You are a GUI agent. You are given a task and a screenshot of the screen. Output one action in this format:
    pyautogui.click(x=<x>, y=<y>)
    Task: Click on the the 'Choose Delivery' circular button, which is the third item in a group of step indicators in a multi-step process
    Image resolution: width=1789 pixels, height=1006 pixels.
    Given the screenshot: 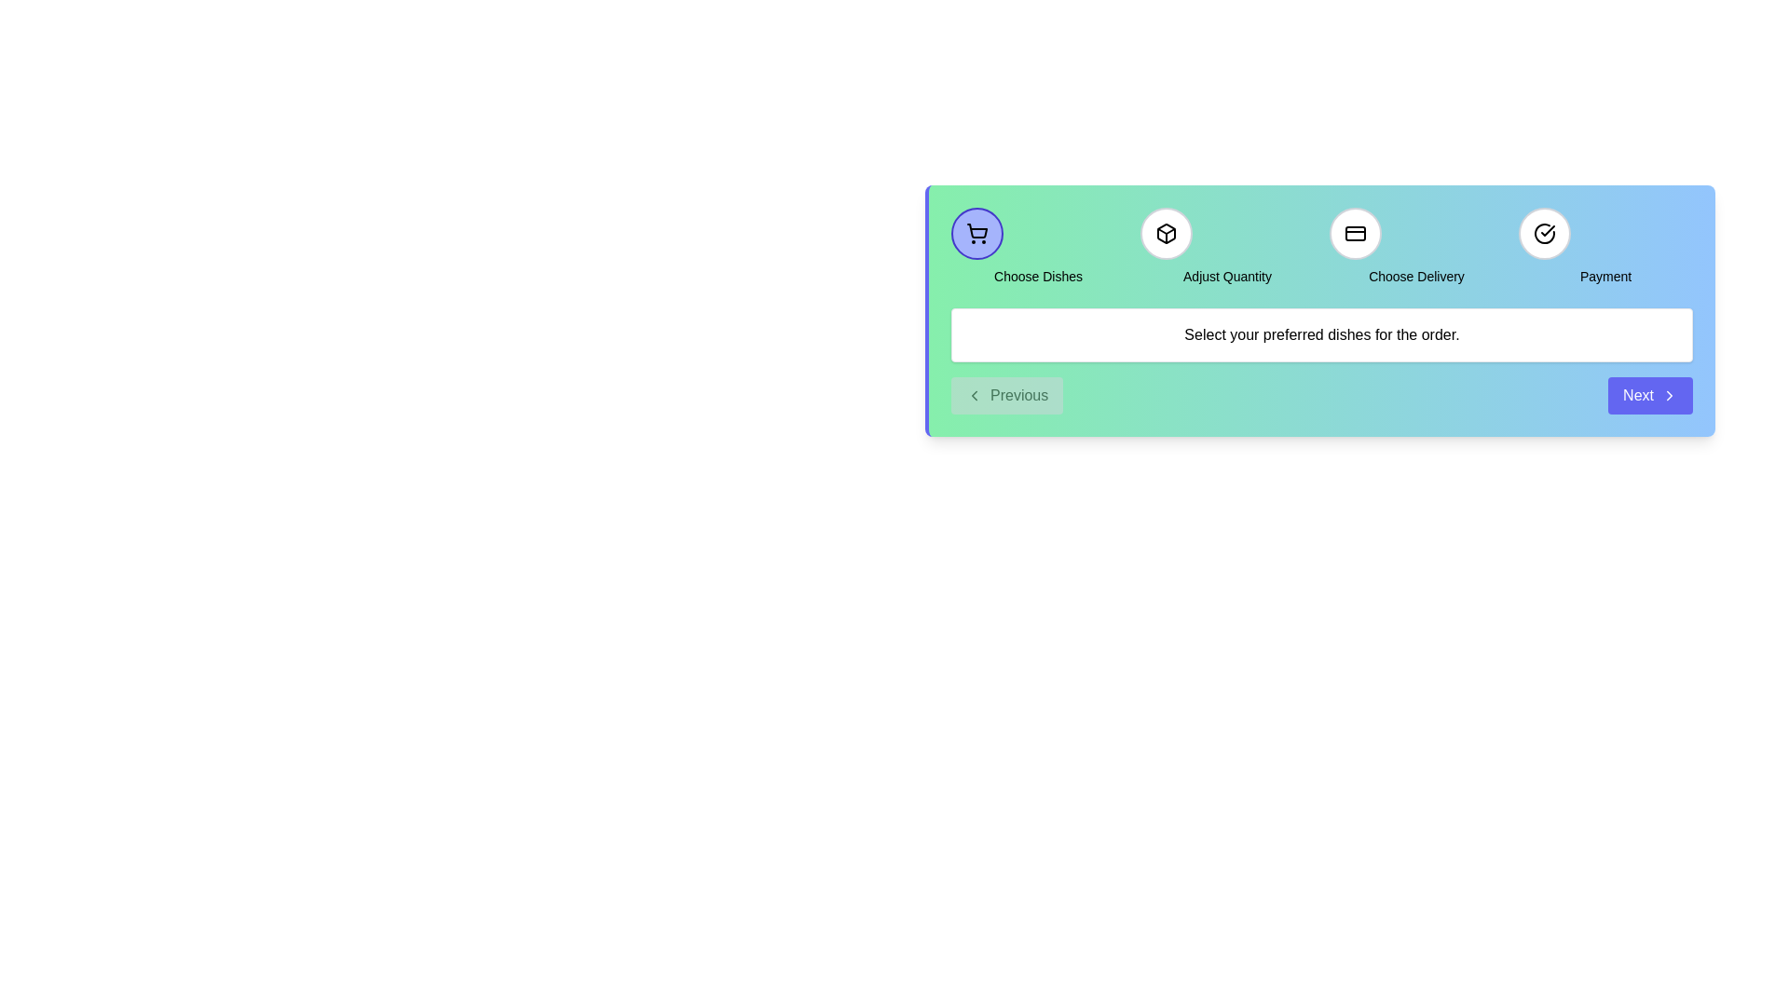 What is the action you would take?
    pyautogui.click(x=1355, y=232)
    